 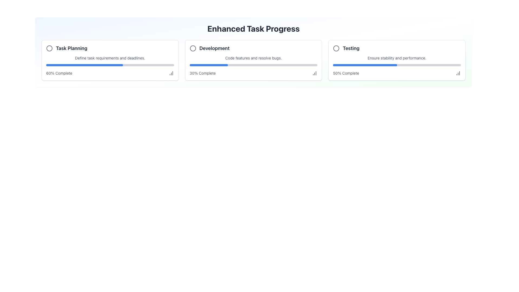 I want to click on the progress level of the horizontal progress bar located in the 'Testing' section, which is filled halfway and positioned between the text 'Ensure stability and performance.' and the label '50% Complete', so click(x=397, y=65).